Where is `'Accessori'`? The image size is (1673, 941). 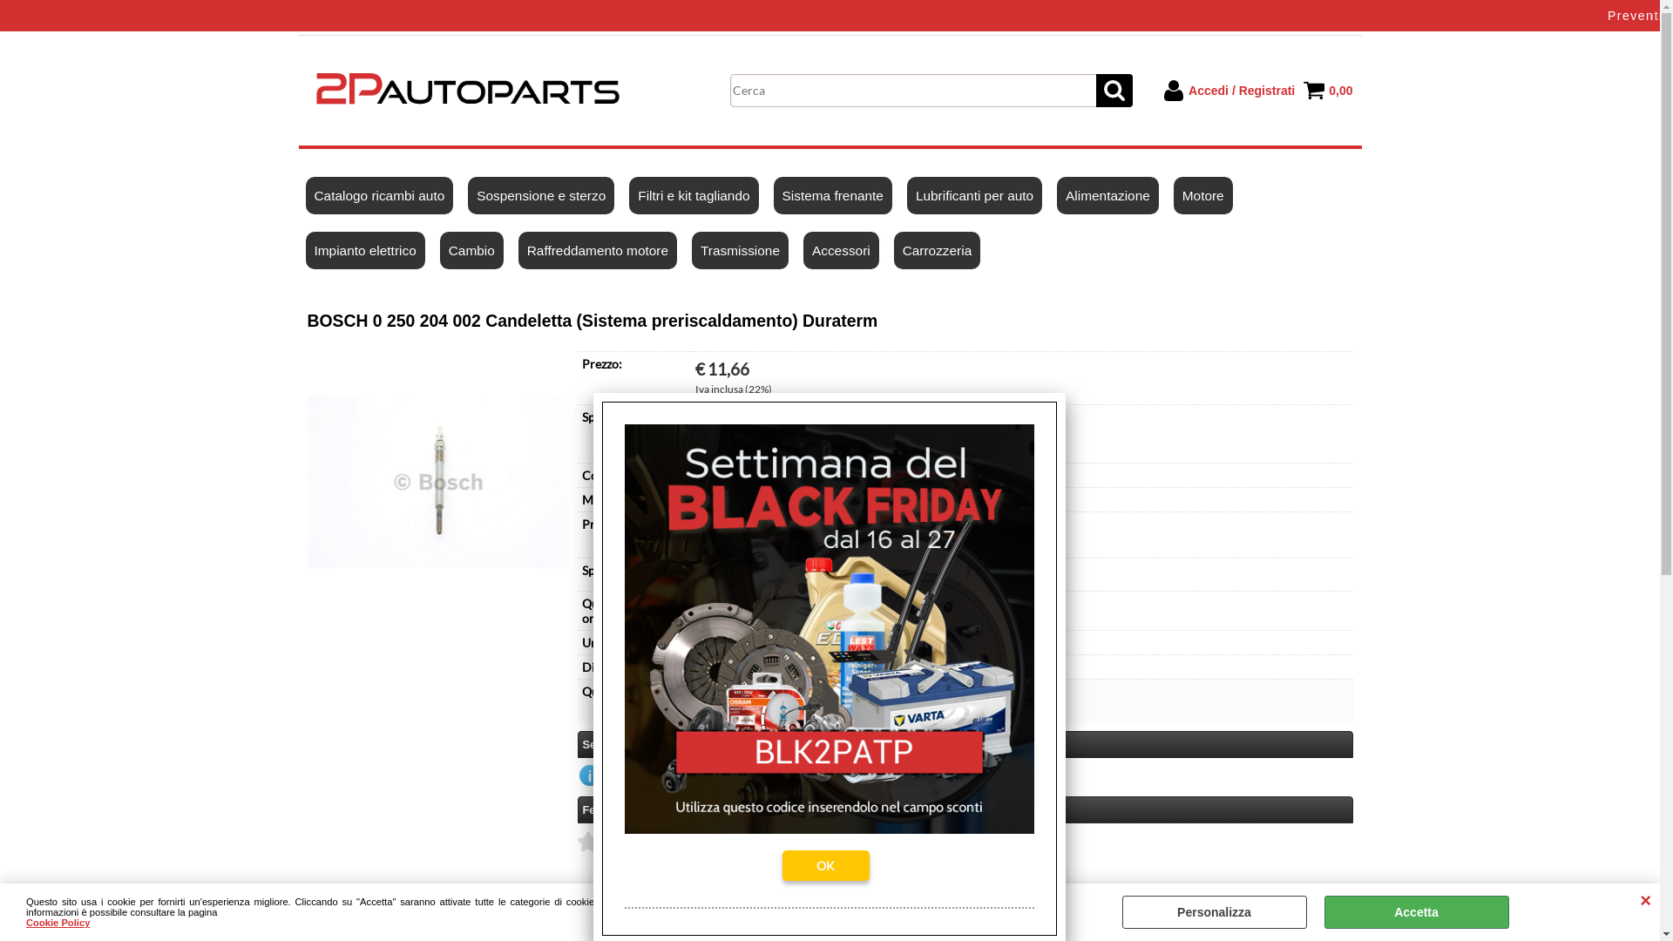 'Accessori' is located at coordinates (841, 250).